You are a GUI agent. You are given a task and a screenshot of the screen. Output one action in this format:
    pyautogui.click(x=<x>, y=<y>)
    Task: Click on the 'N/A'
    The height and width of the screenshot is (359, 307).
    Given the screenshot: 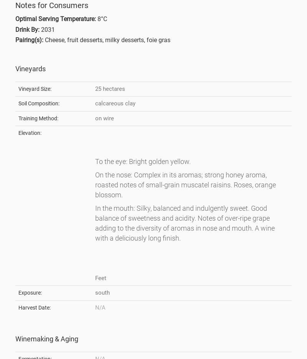 What is the action you would take?
    pyautogui.click(x=100, y=307)
    